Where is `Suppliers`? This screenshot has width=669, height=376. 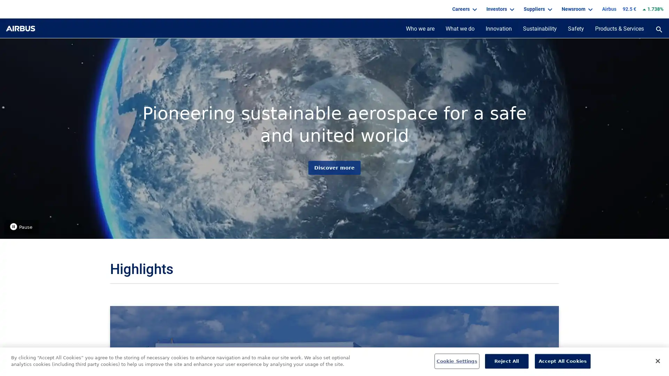
Suppliers is located at coordinates (537, 9).